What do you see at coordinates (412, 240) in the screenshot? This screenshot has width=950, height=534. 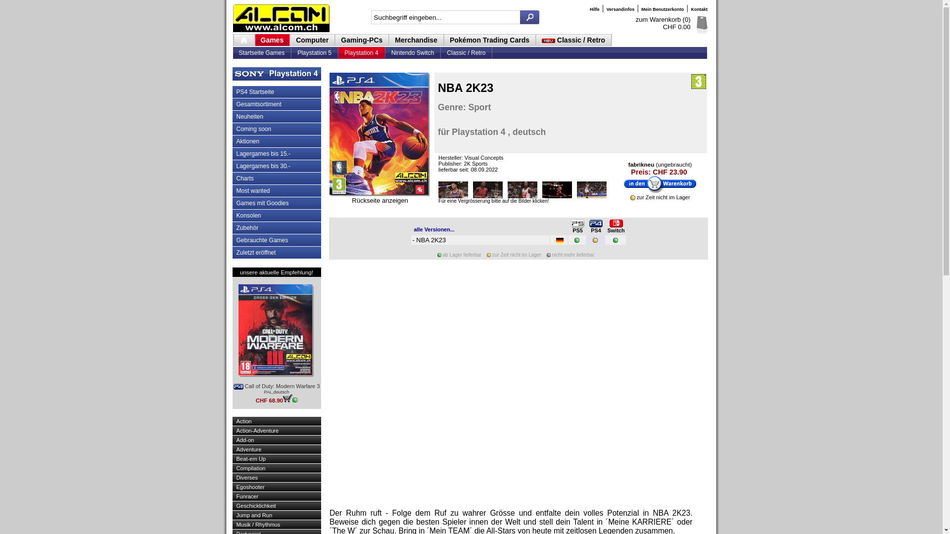 I see `'- NBA 2K23'` at bounding box center [412, 240].